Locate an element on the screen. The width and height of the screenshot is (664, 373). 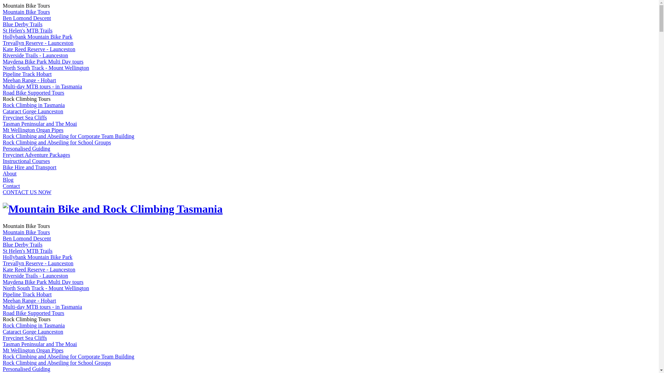
'North South Track - Mount Wellington' is located at coordinates (46, 68).